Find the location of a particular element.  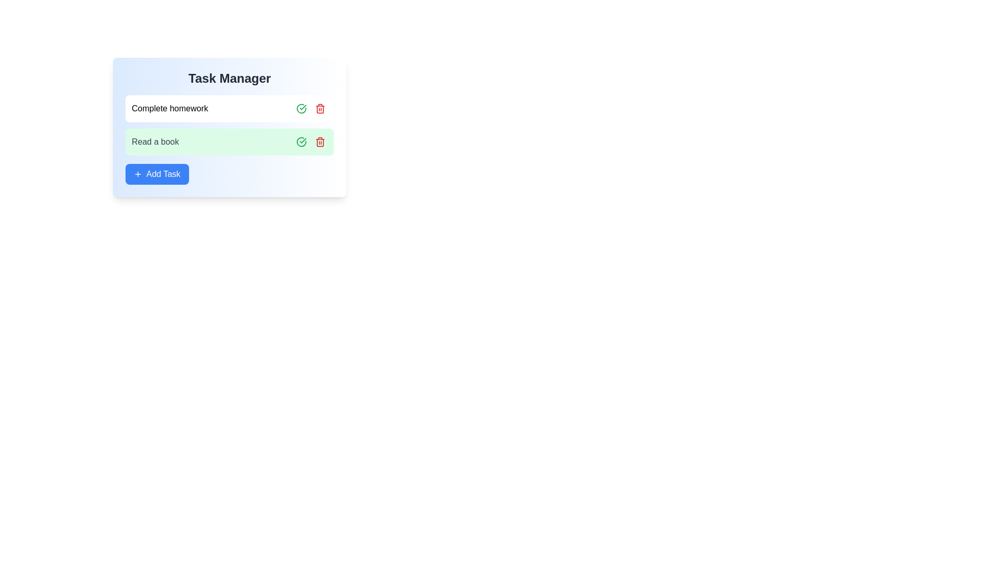

the green checkmark icon corresponding to the task titled 'Read a book' to toggle its completion status is located at coordinates (301, 142).